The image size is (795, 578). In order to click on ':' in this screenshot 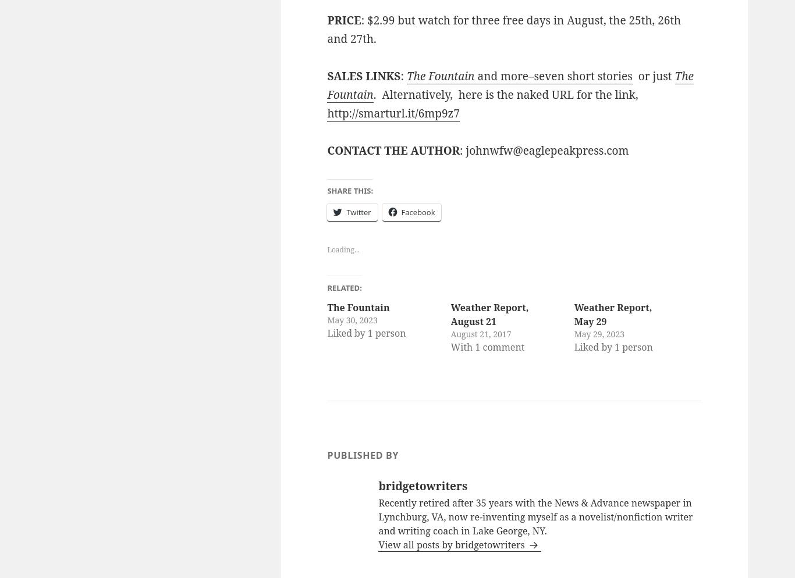, I will do `click(403, 76)`.